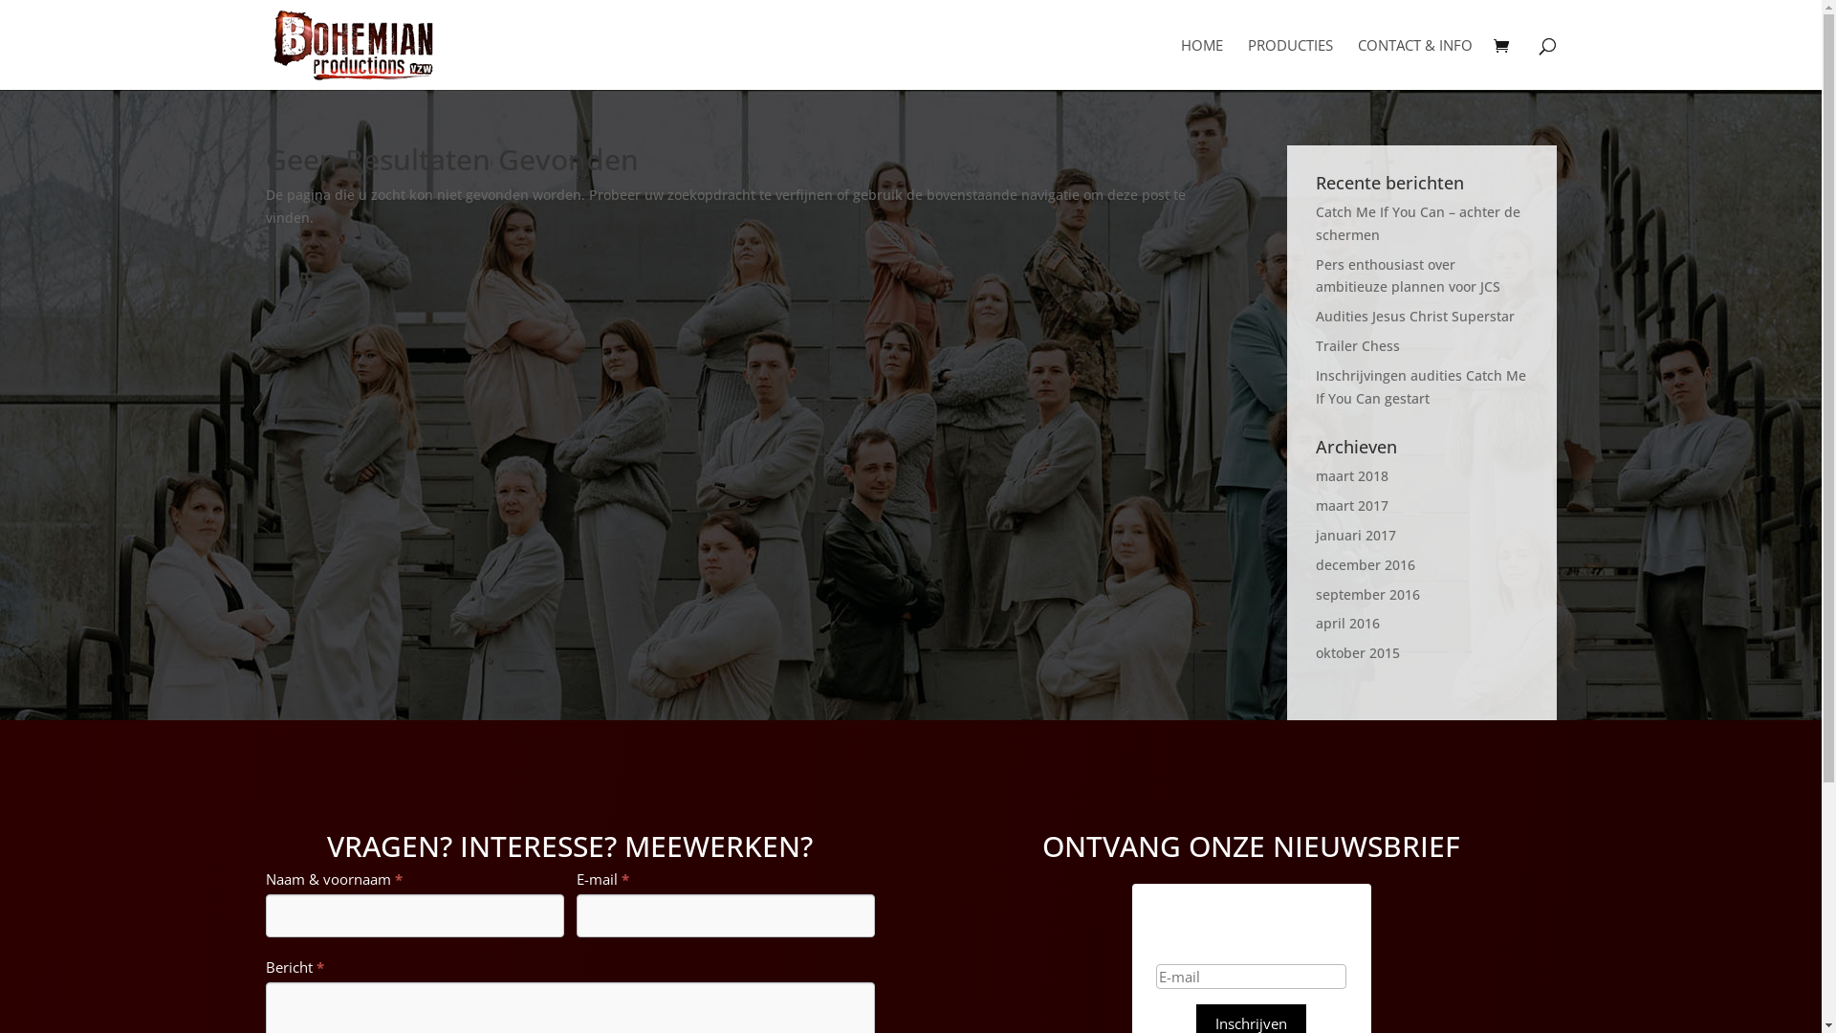 This screenshot has height=1033, width=1836. What do you see at coordinates (1315, 593) in the screenshot?
I see `'september 2016'` at bounding box center [1315, 593].